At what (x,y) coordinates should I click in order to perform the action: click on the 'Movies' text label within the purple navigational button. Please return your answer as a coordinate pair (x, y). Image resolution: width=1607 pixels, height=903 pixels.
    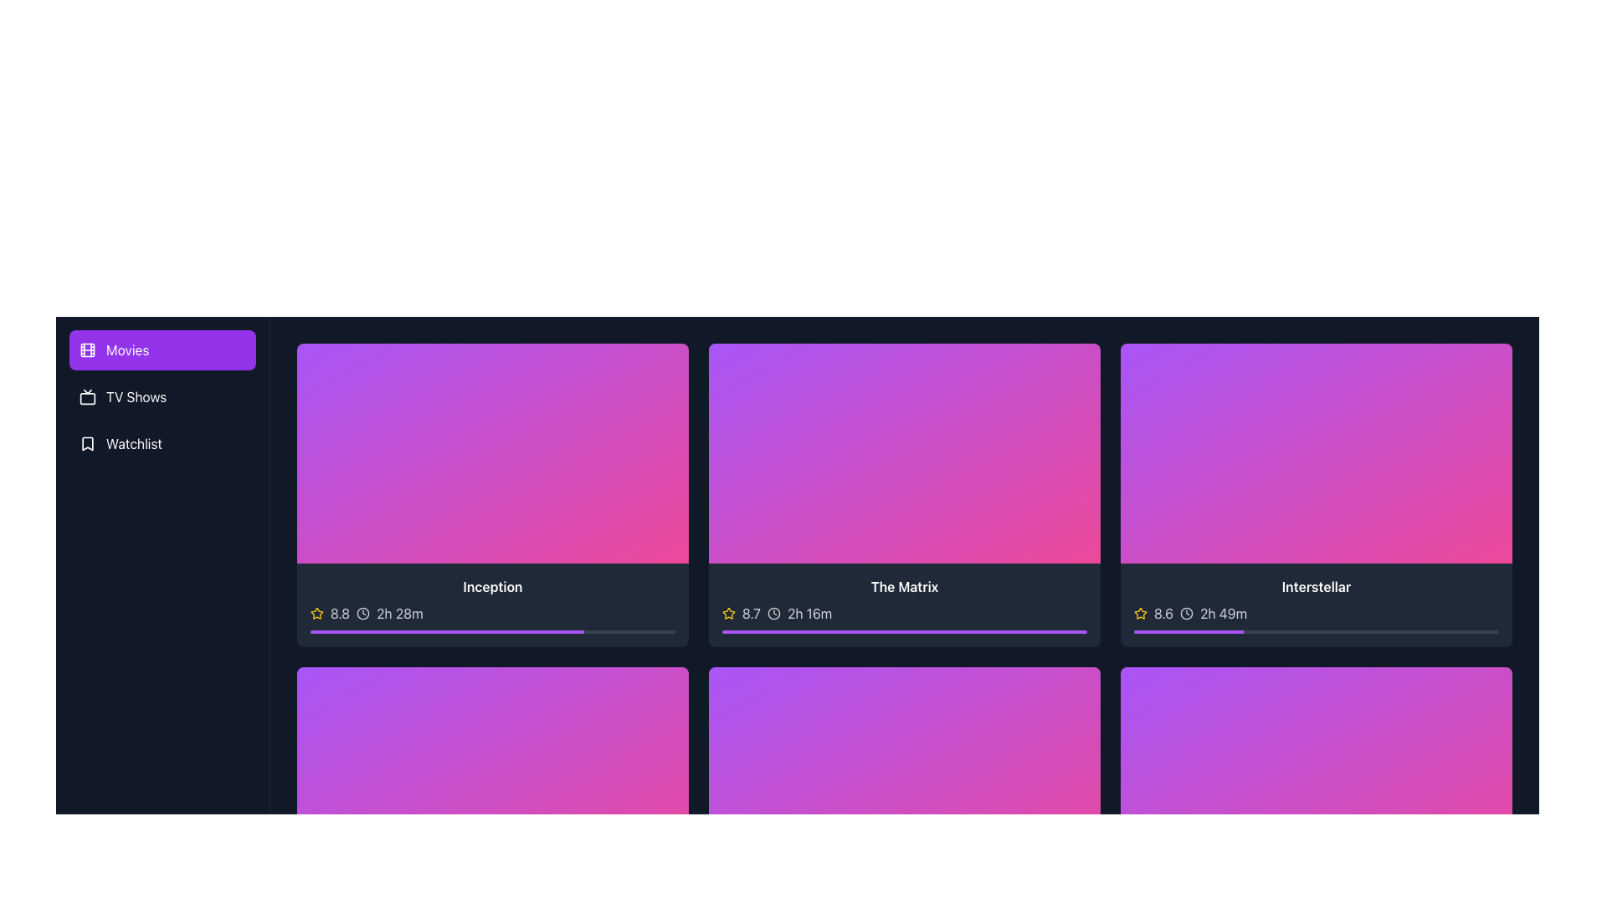
    Looking at the image, I should click on (126, 349).